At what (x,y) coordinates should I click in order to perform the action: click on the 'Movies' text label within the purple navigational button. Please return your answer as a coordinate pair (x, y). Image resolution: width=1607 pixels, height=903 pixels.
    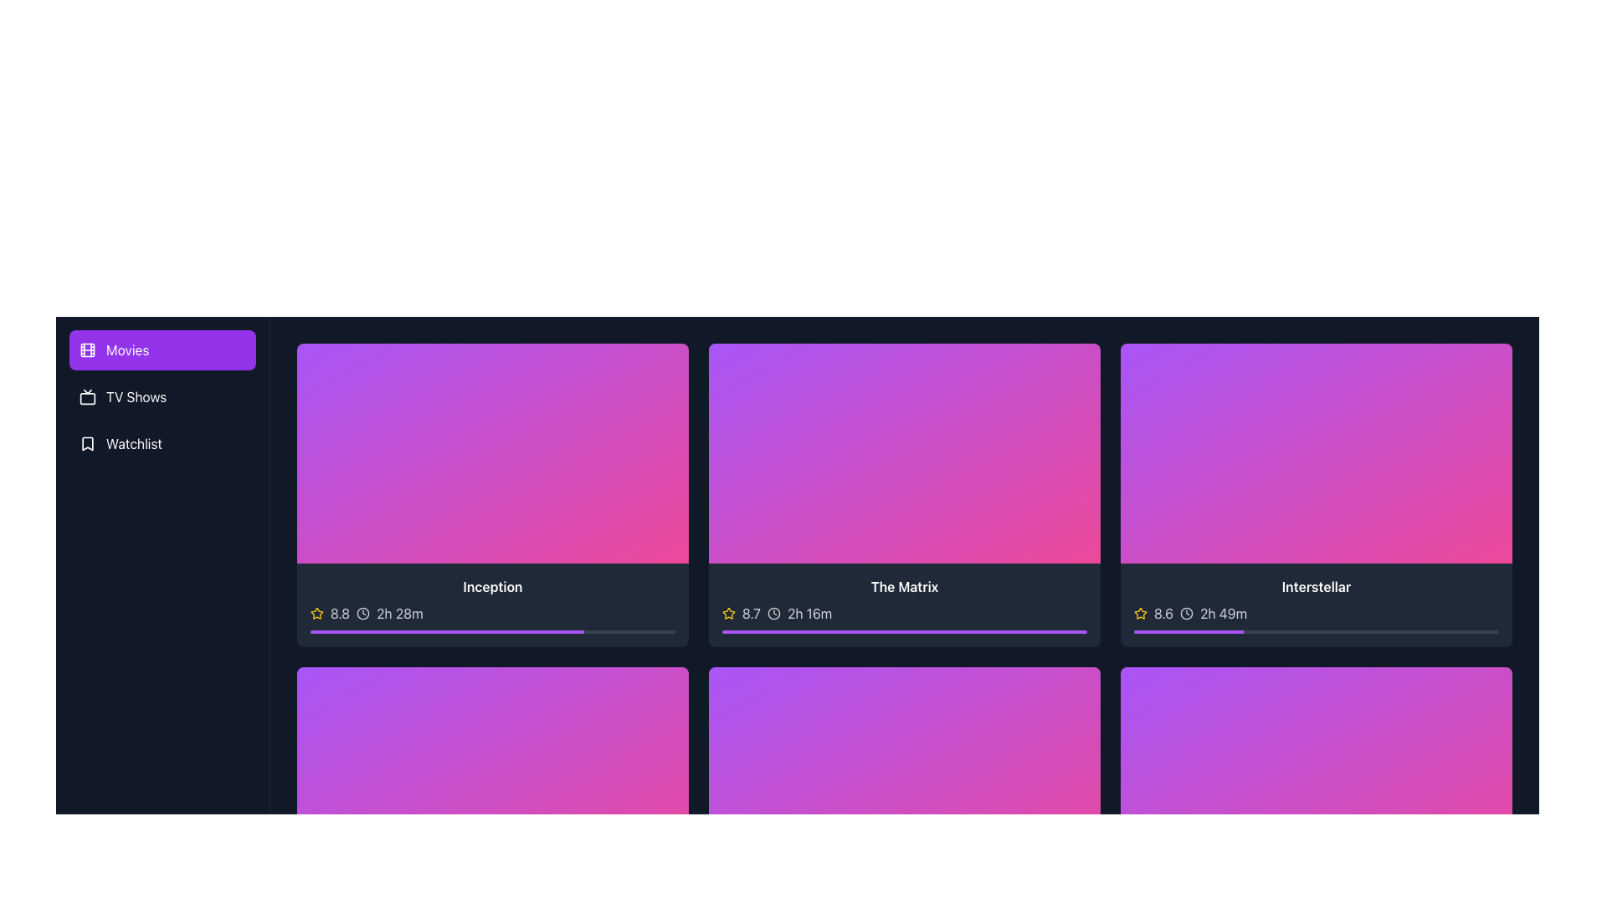
    Looking at the image, I should click on (126, 349).